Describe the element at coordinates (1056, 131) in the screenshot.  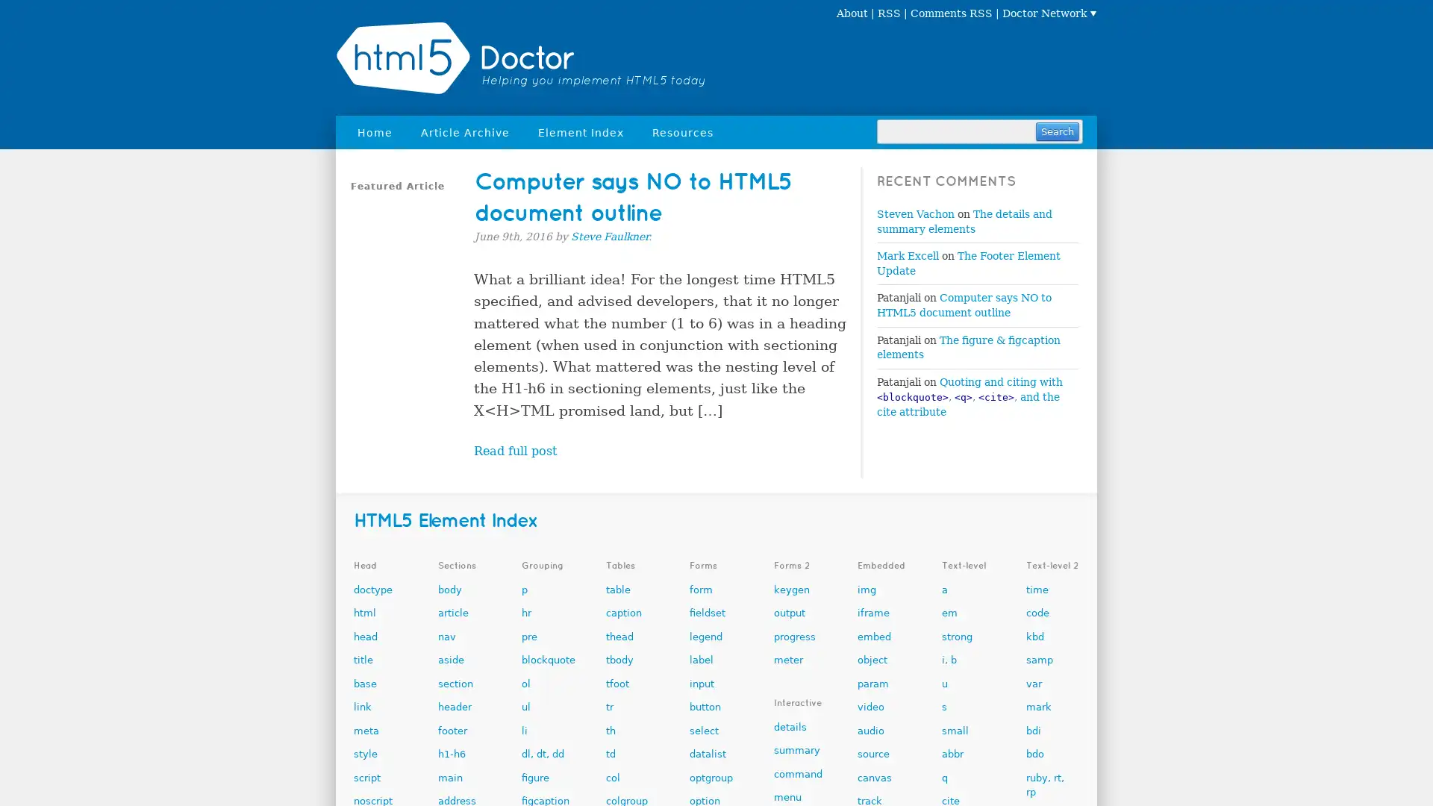
I see `Search` at that location.